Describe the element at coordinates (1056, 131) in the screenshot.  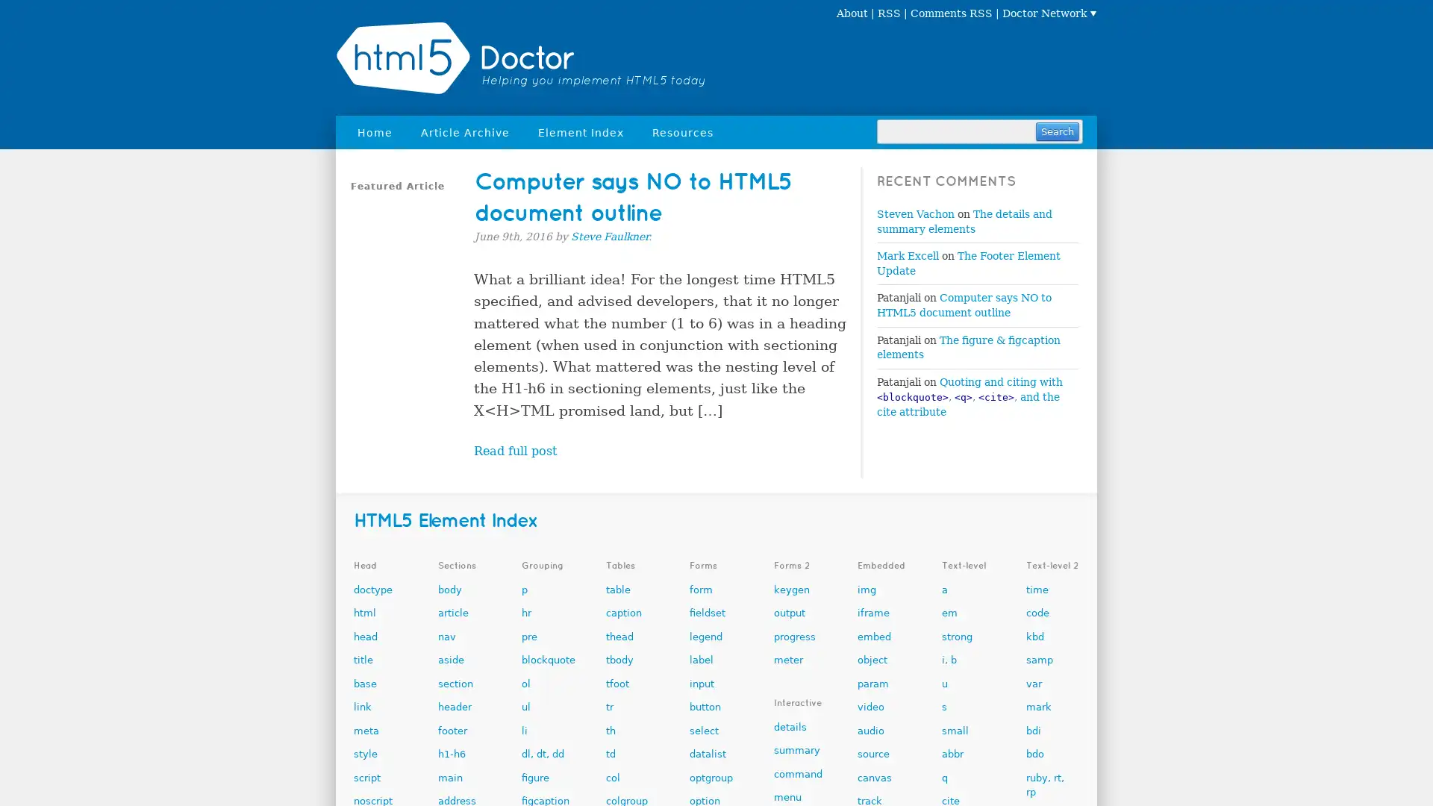
I see `Search` at that location.